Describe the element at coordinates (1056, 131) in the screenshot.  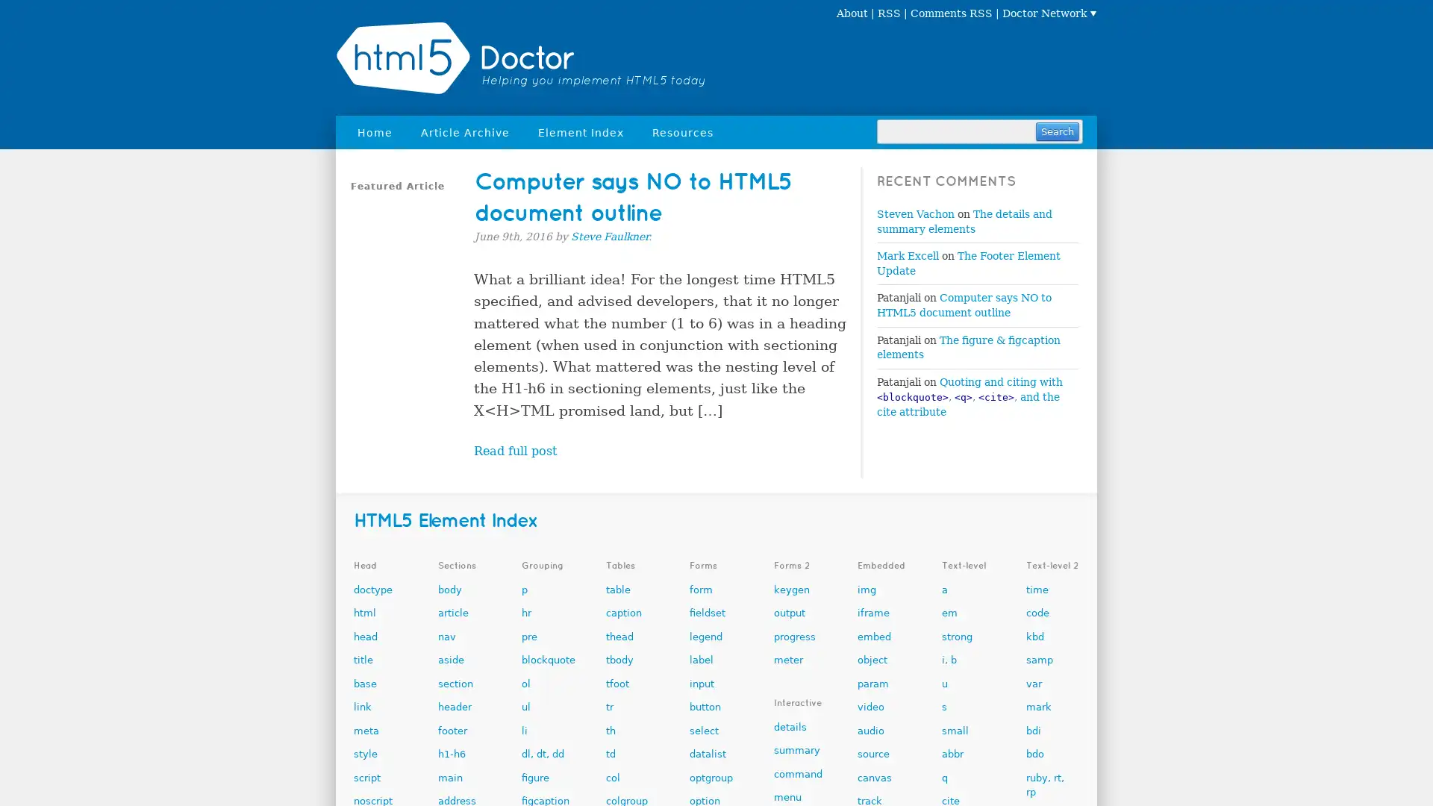
I see `Search` at that location.